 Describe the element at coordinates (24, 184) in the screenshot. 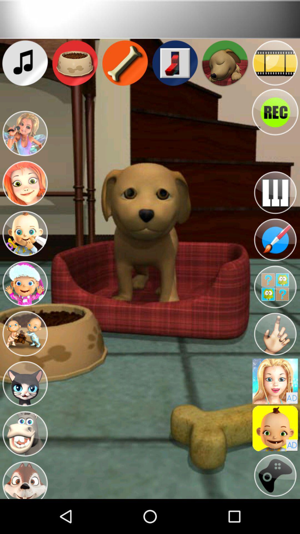

I see `switch to different character` at that location.